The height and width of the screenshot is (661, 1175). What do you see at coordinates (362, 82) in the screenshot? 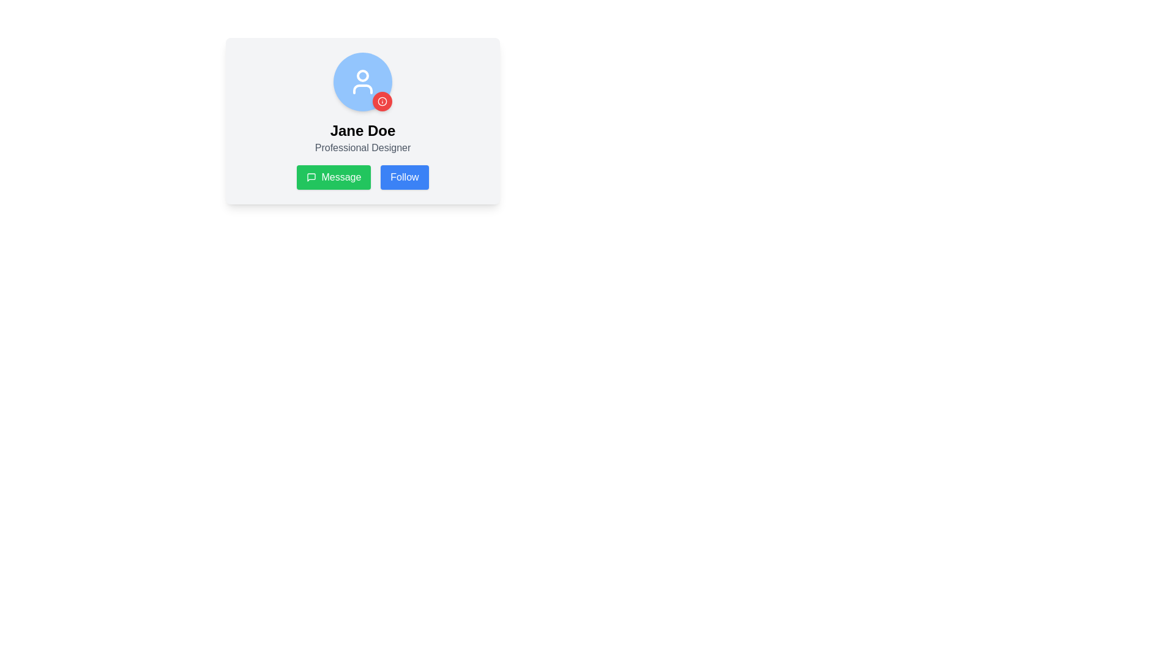
I see `the white outline user icon within the blue circular background` at bounding box center [362, 82].